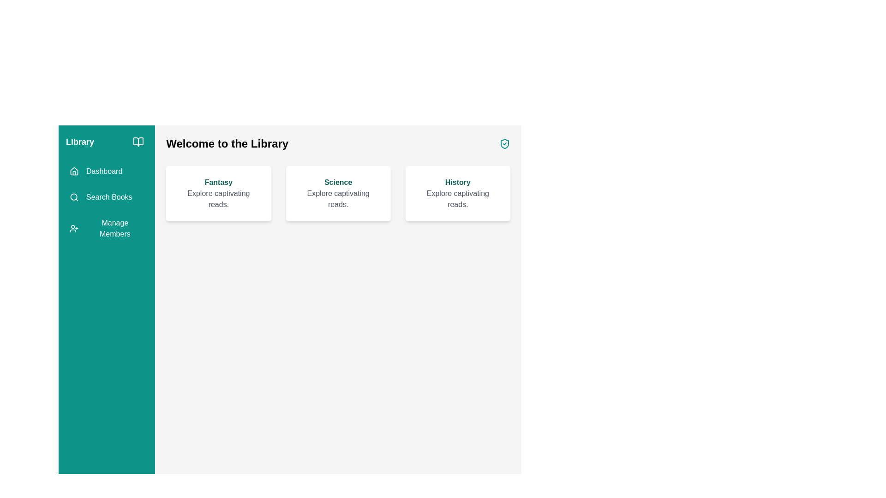 This screenshot has width=886, height=498. I want to click on the magnifying glass icon that symbolizes the search function, located to the left of the text 'Search Books' in the second entry of the vertically arranged navigation menu, so click(74, 197).